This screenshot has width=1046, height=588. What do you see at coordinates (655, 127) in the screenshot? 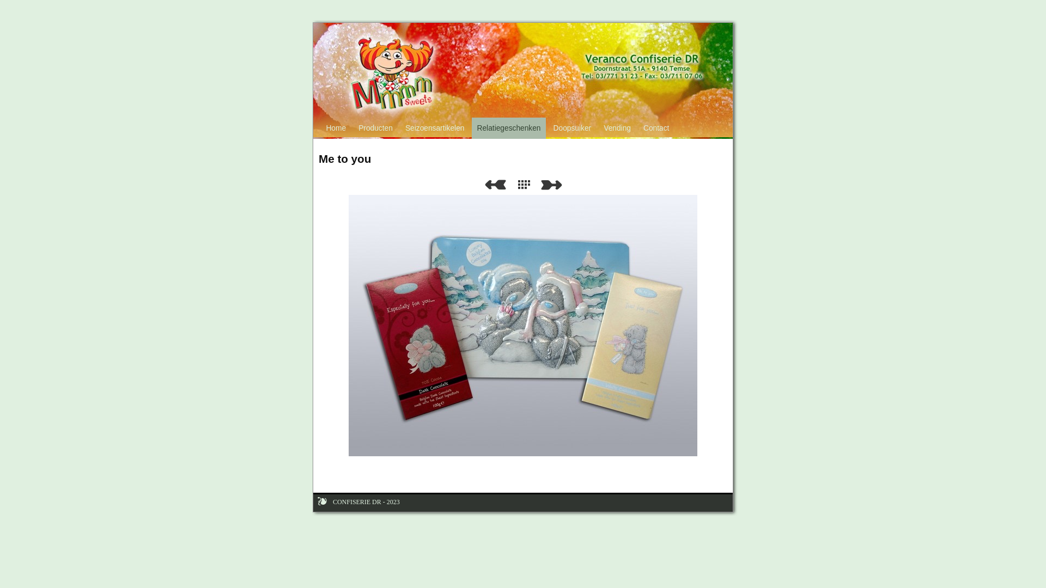
I see `'Contact'` at bounding box center [655, 127].